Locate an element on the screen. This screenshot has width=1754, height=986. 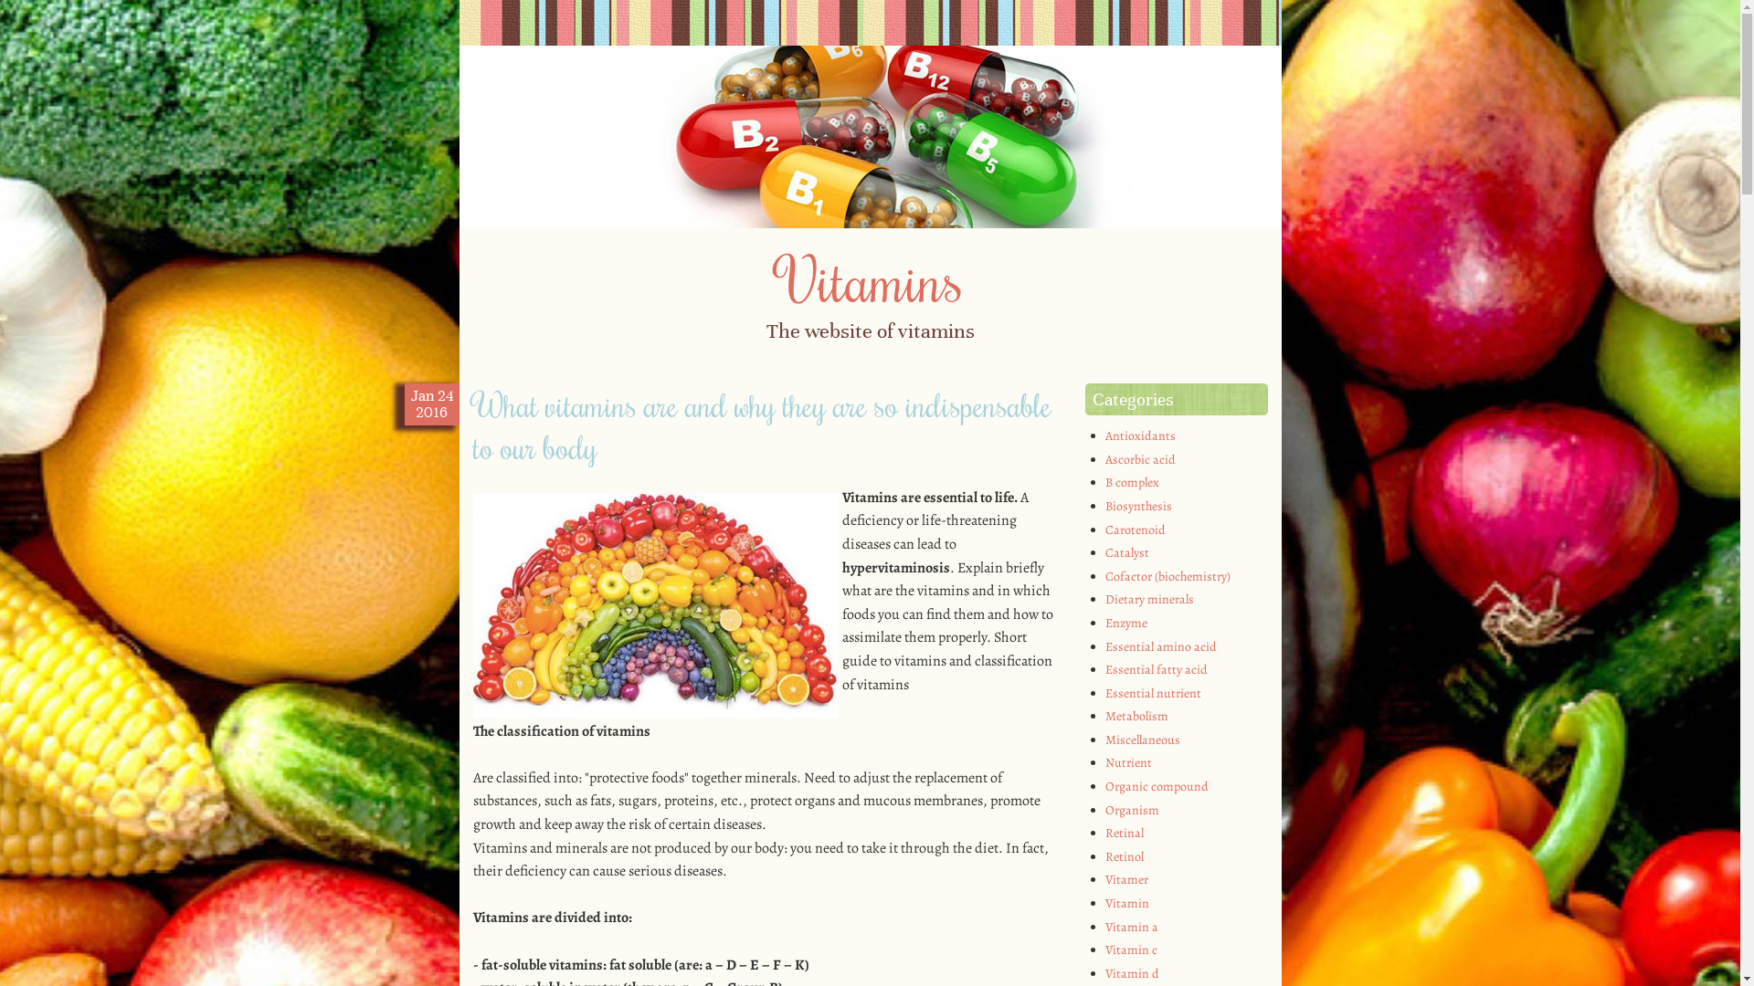
'Essential amino acid' is located at coordinates (1160, 645).